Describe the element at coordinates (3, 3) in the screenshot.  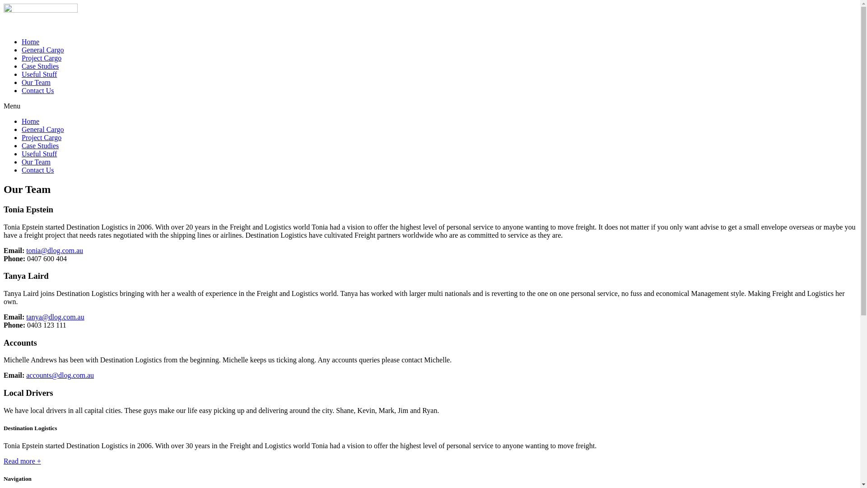
I see `'Skip to content'` at that location.